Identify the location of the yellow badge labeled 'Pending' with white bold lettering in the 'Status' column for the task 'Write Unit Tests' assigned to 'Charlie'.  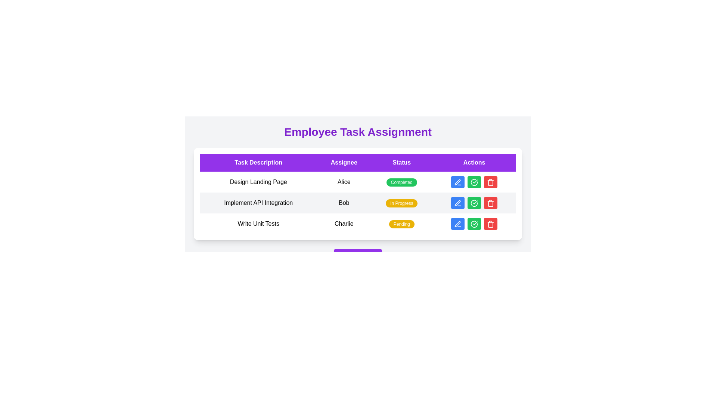
(401, 224).